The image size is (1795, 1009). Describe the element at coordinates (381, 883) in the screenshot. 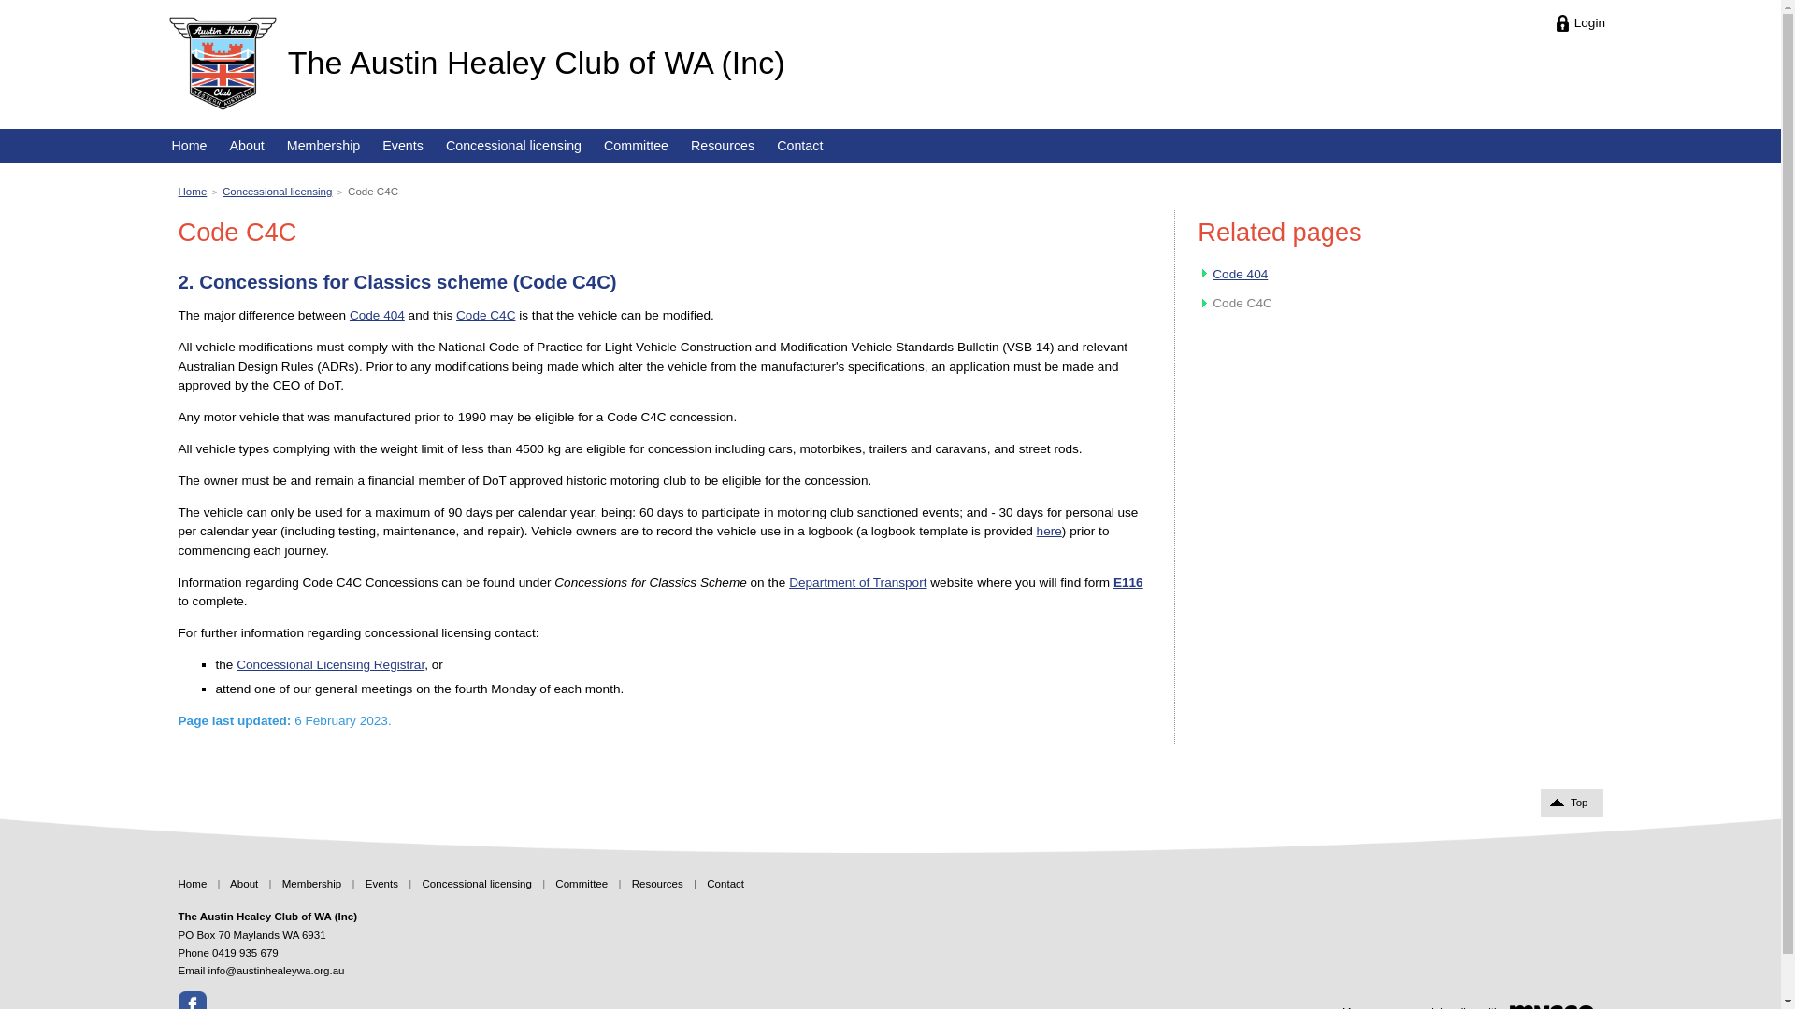

I see `'Events'` at that location.